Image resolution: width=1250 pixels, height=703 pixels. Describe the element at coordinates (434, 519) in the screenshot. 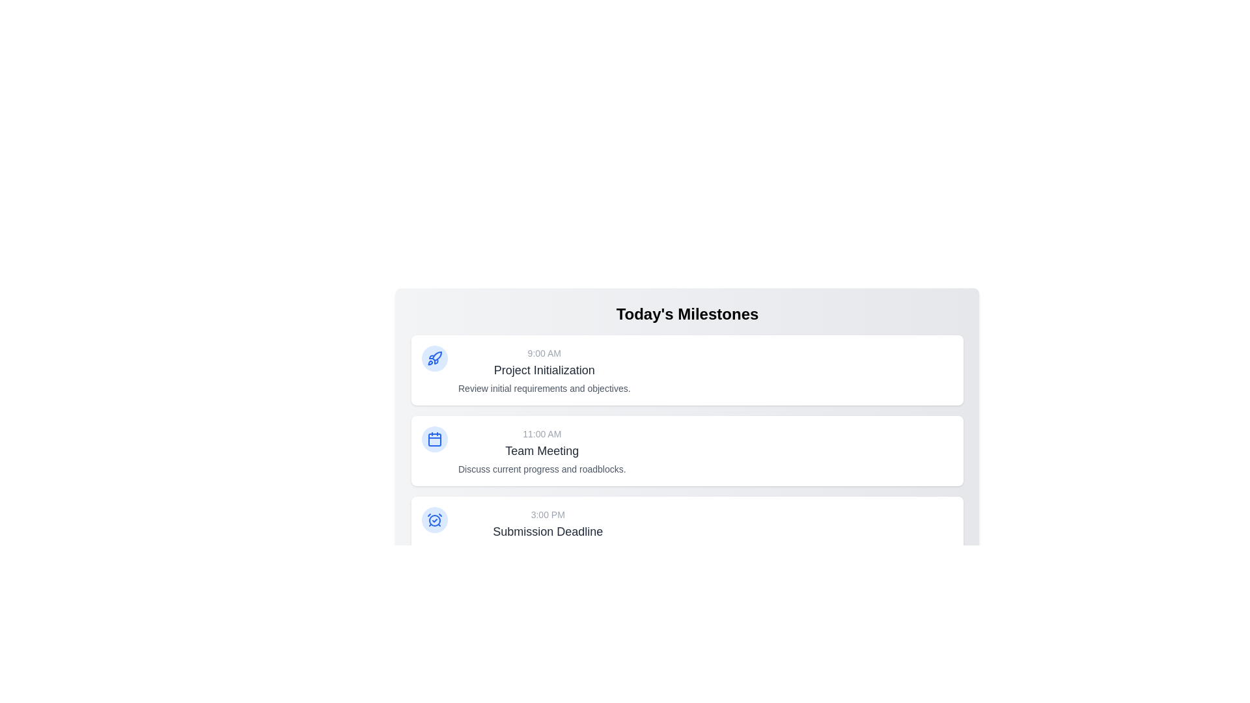

I see `the blue alarm clock icon with a check mark inside, which is associated with the 'Submission Deadline' milestone at 3:00 PM in the task tracking list` at that location.